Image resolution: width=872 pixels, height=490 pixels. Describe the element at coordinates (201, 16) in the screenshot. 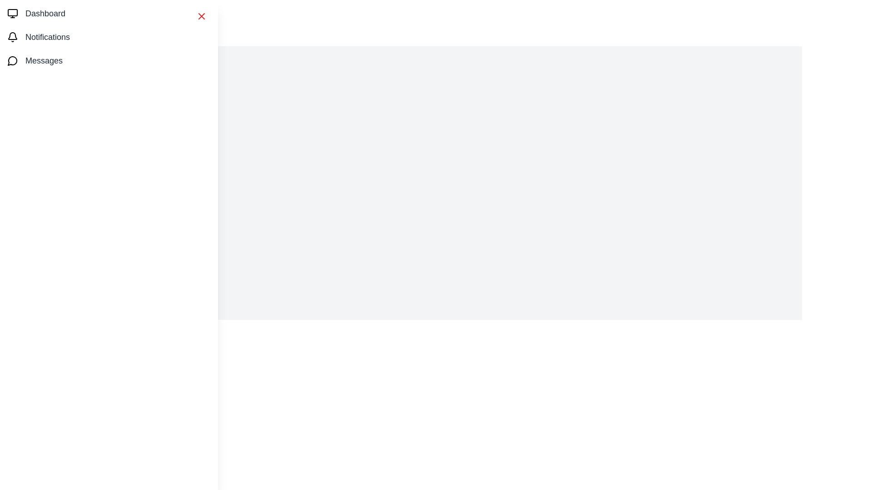

I see `the close button to close the drawer` at that location.